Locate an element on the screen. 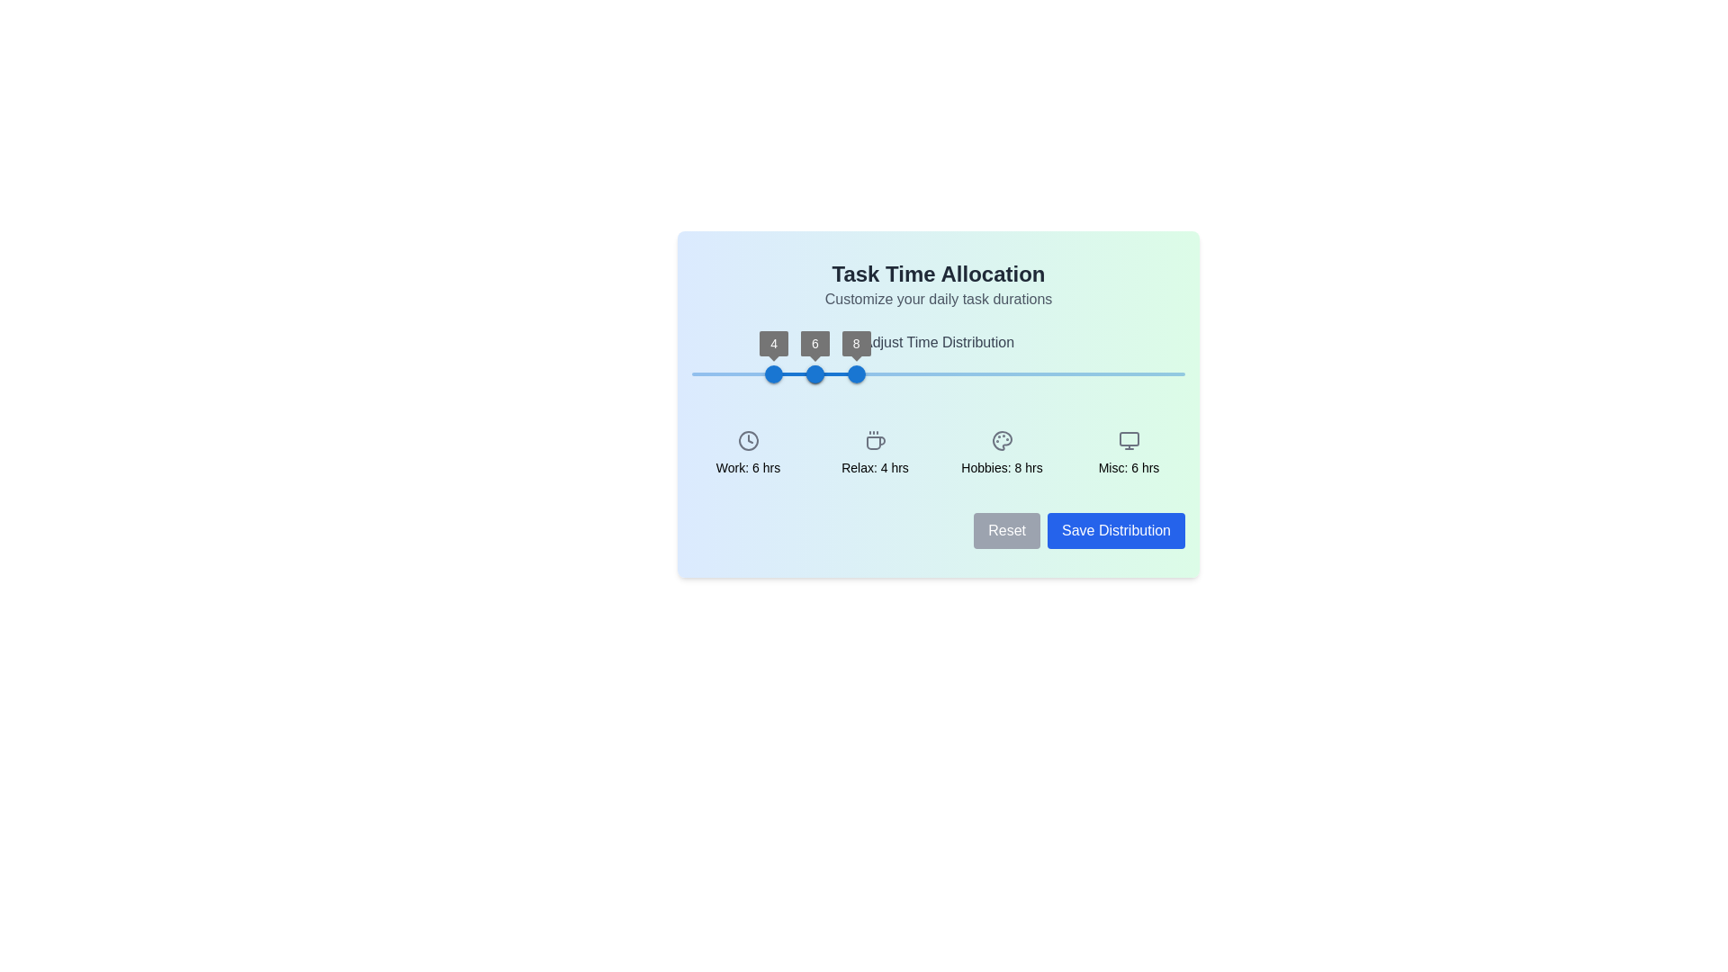 The height and width of the screenshot is (972, 1728). the slider is located at coordinates (930, 360).